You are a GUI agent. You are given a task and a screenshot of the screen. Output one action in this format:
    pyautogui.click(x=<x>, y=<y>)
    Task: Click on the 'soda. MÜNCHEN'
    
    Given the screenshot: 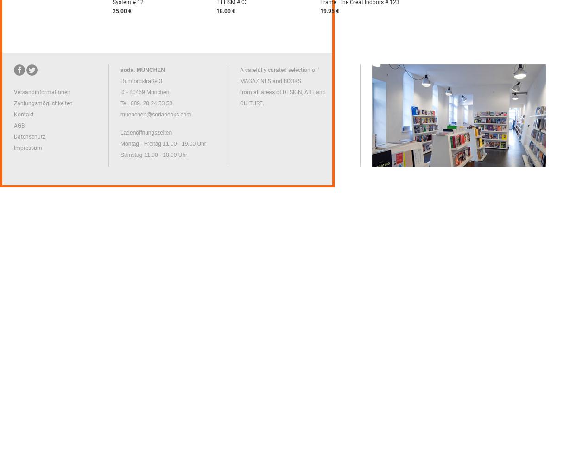 What is the action you would take?
    pyautogui.click(x=143, y=70)
    